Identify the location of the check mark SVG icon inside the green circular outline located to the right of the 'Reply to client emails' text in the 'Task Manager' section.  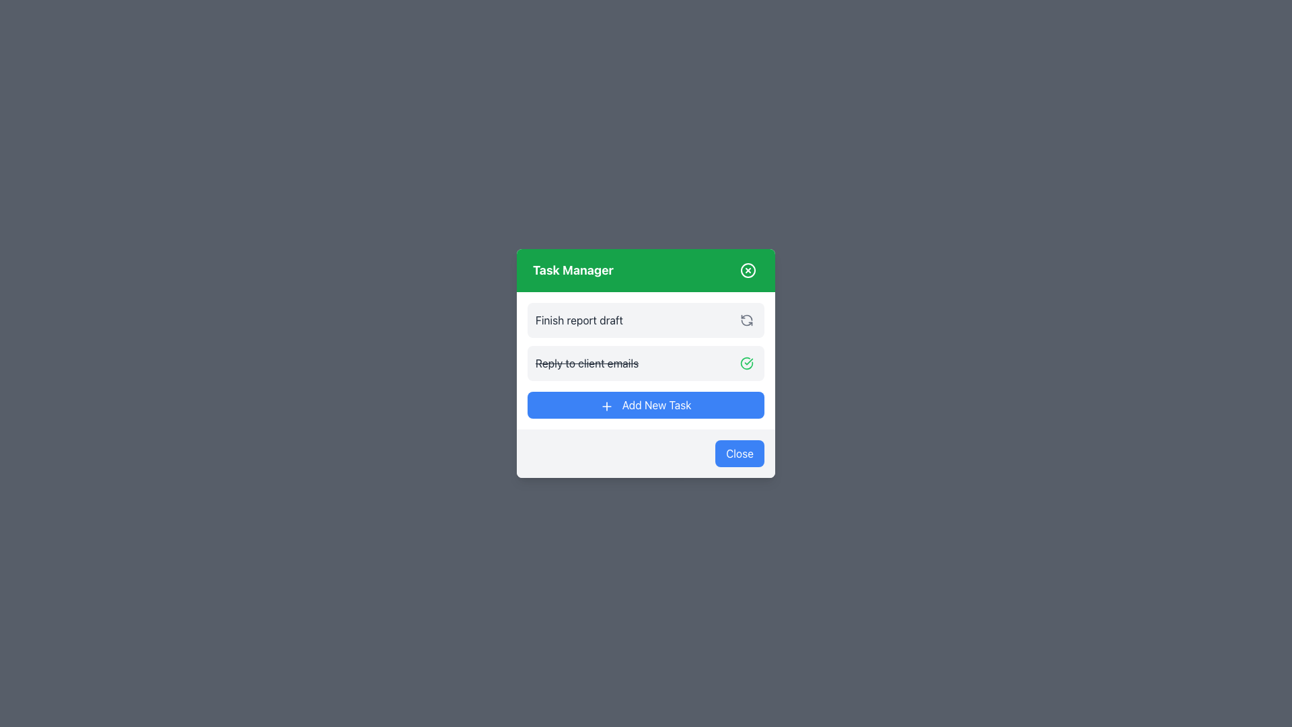
(746, 363).